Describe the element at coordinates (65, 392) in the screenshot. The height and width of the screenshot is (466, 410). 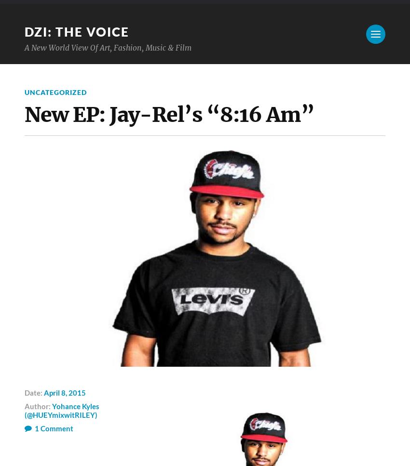
I see `'April 8, 2015'` at that location.